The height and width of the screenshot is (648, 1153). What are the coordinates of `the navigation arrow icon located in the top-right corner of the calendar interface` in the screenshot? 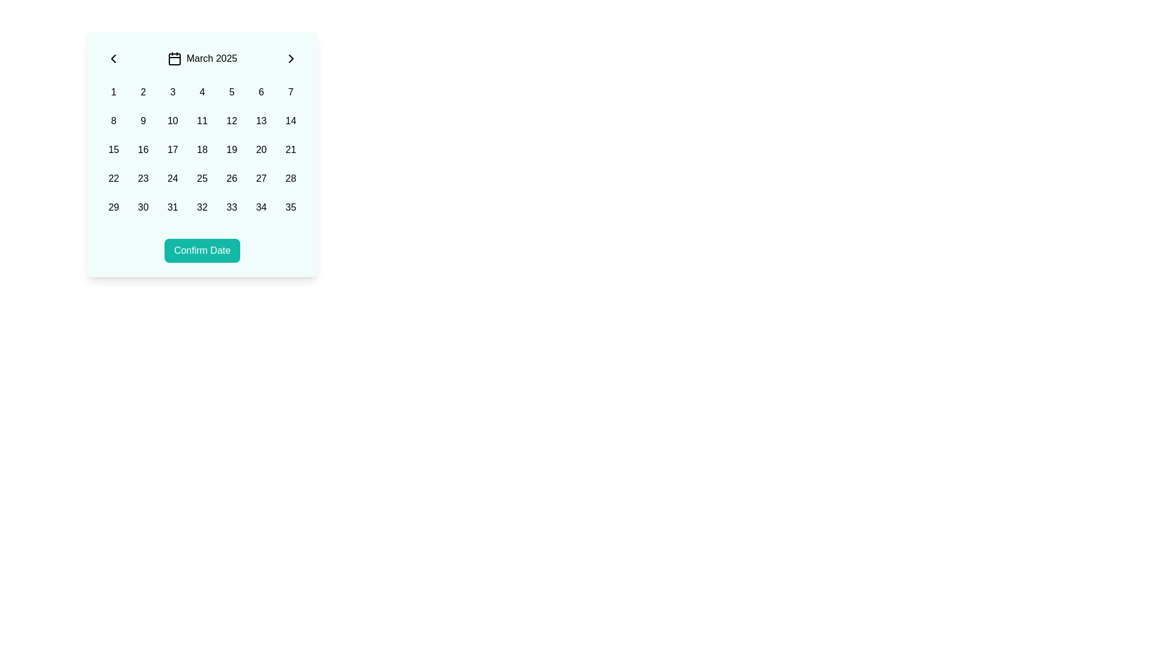 It's located at (291, 58).